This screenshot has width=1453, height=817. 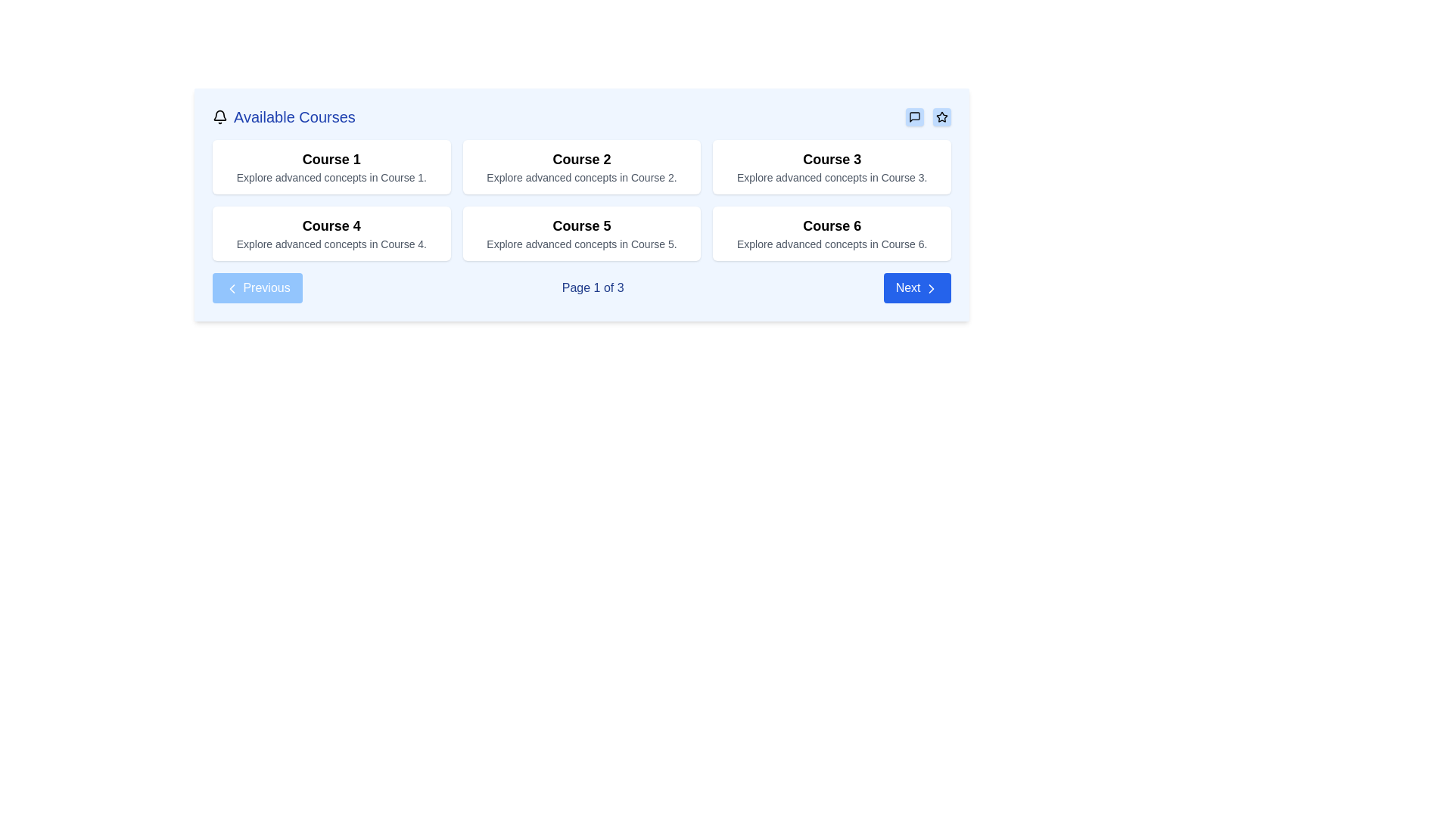 What do you see at coordinates (831, 177) in the screenshot?
I see `the text label providing additional information about Course 3, which is located near the center-right of the layout within a white box with rounded corners and shadow effects, and is the second line of text underneath the header 'Course 3'` at bounding box center [831, 177].